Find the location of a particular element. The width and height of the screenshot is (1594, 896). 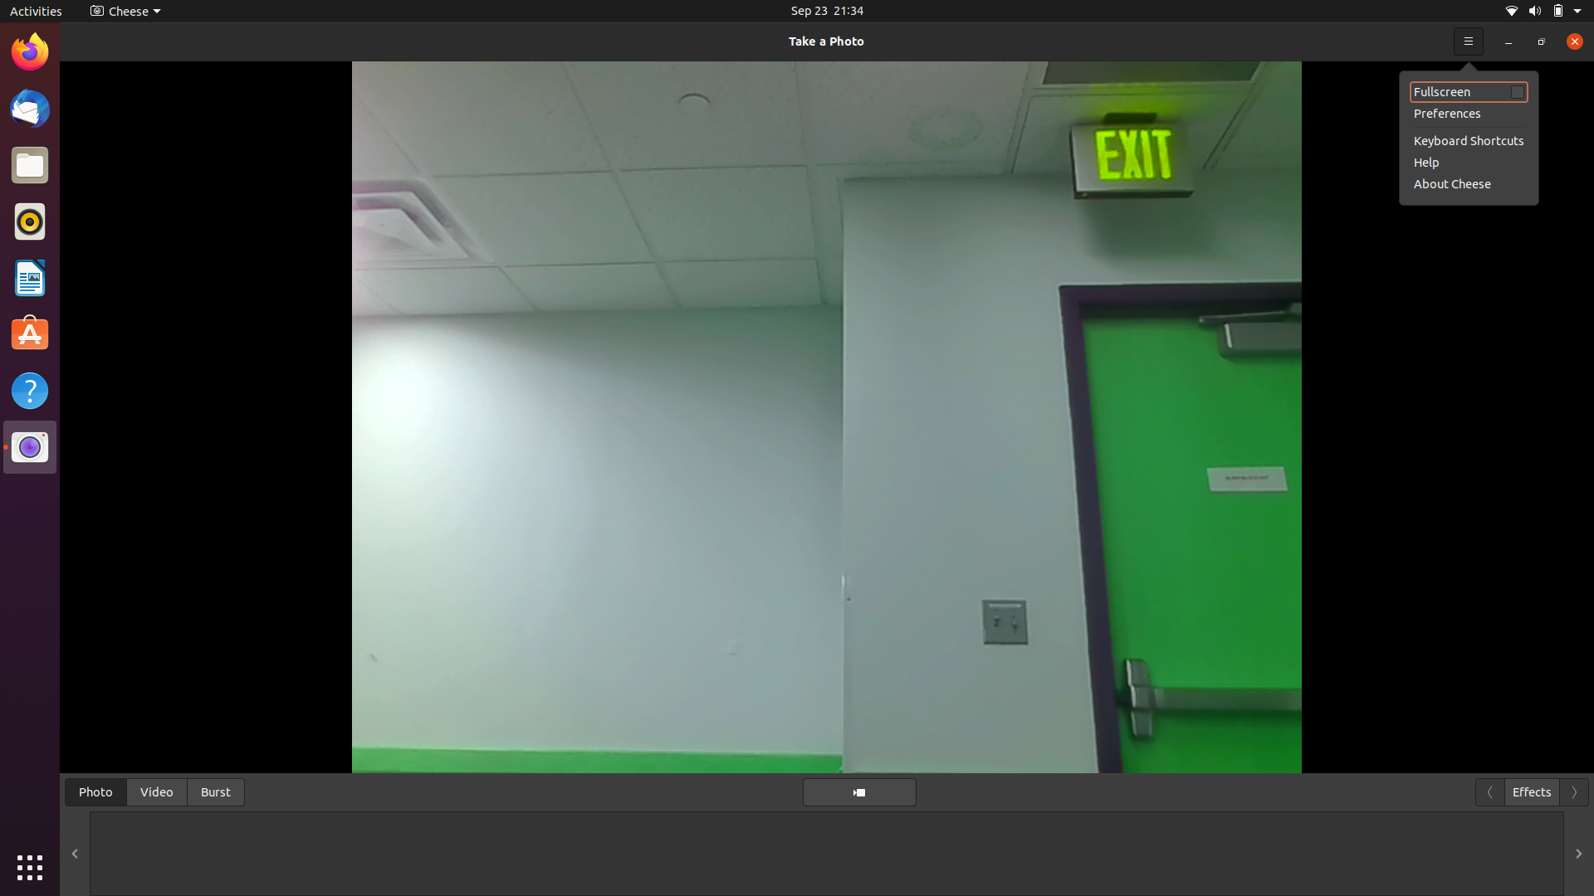

the help section for camera is located at coordinates (1469, 39).